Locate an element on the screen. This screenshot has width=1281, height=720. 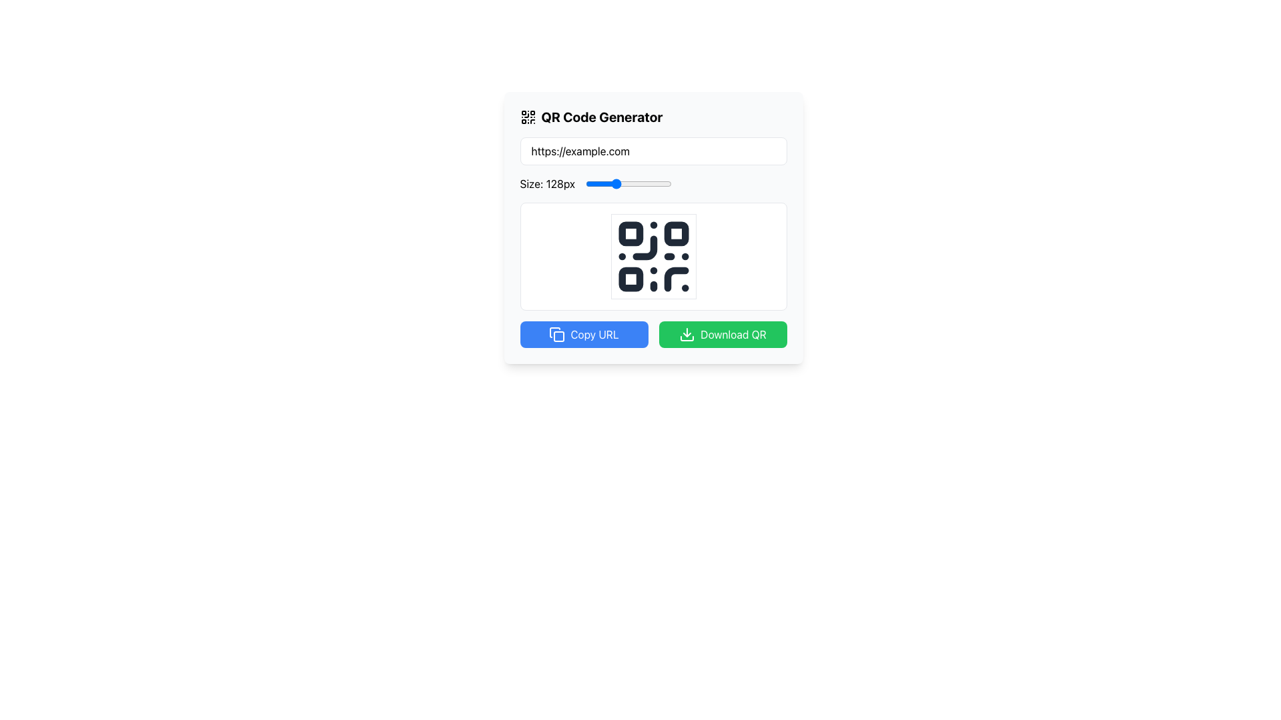
the Header row with an icon and text that identifies the QR Code Generator section, located at the uppermost area of the form is located at coordinates (653, 117).